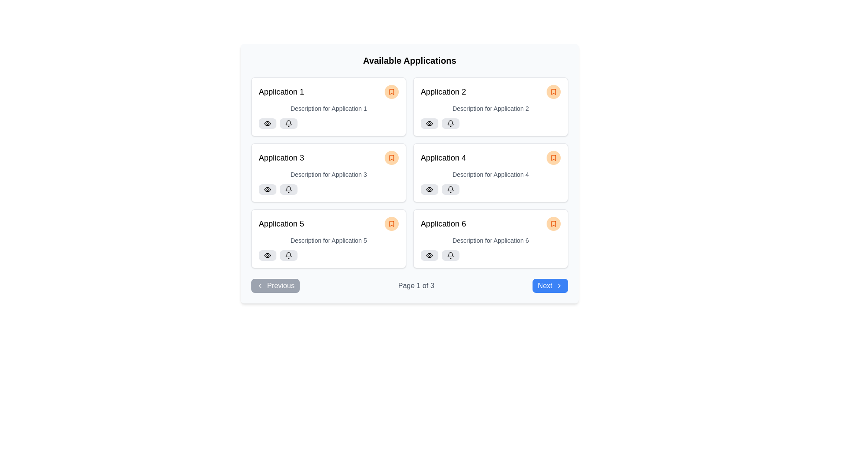  Describe the element at coordinates (267, 124) in the screenshot. I see `the view button located under the 'Application 1' card in the first row of the list of applications to observe a background color change` at that location.